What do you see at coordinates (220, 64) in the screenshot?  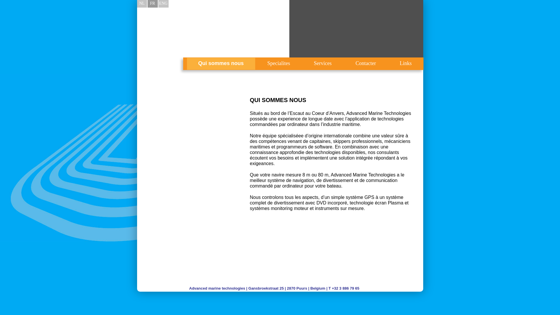 I see `'Qui sommes nous'` at bounding box center [220, 64].